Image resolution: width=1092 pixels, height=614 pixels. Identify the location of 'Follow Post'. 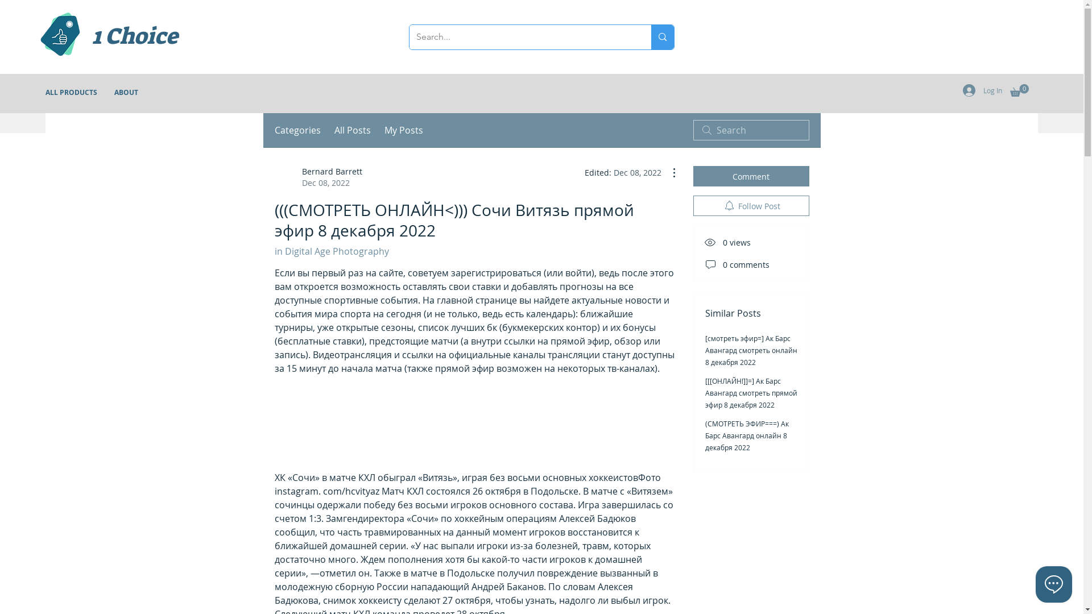
(751, 206).